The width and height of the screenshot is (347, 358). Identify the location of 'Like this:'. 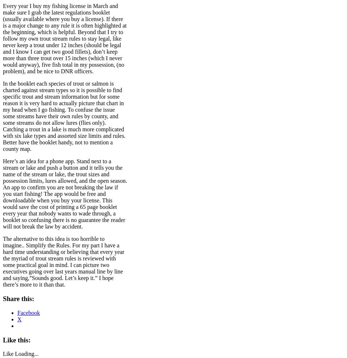
(16, 340).